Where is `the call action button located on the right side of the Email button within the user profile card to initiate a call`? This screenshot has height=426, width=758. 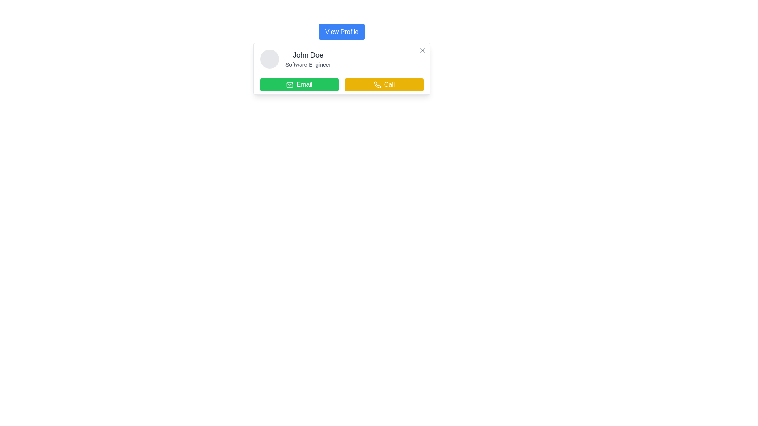 the call action button located on the right side of the Email button within the user profile card to initiate a call is located at coordinates (384, 85).